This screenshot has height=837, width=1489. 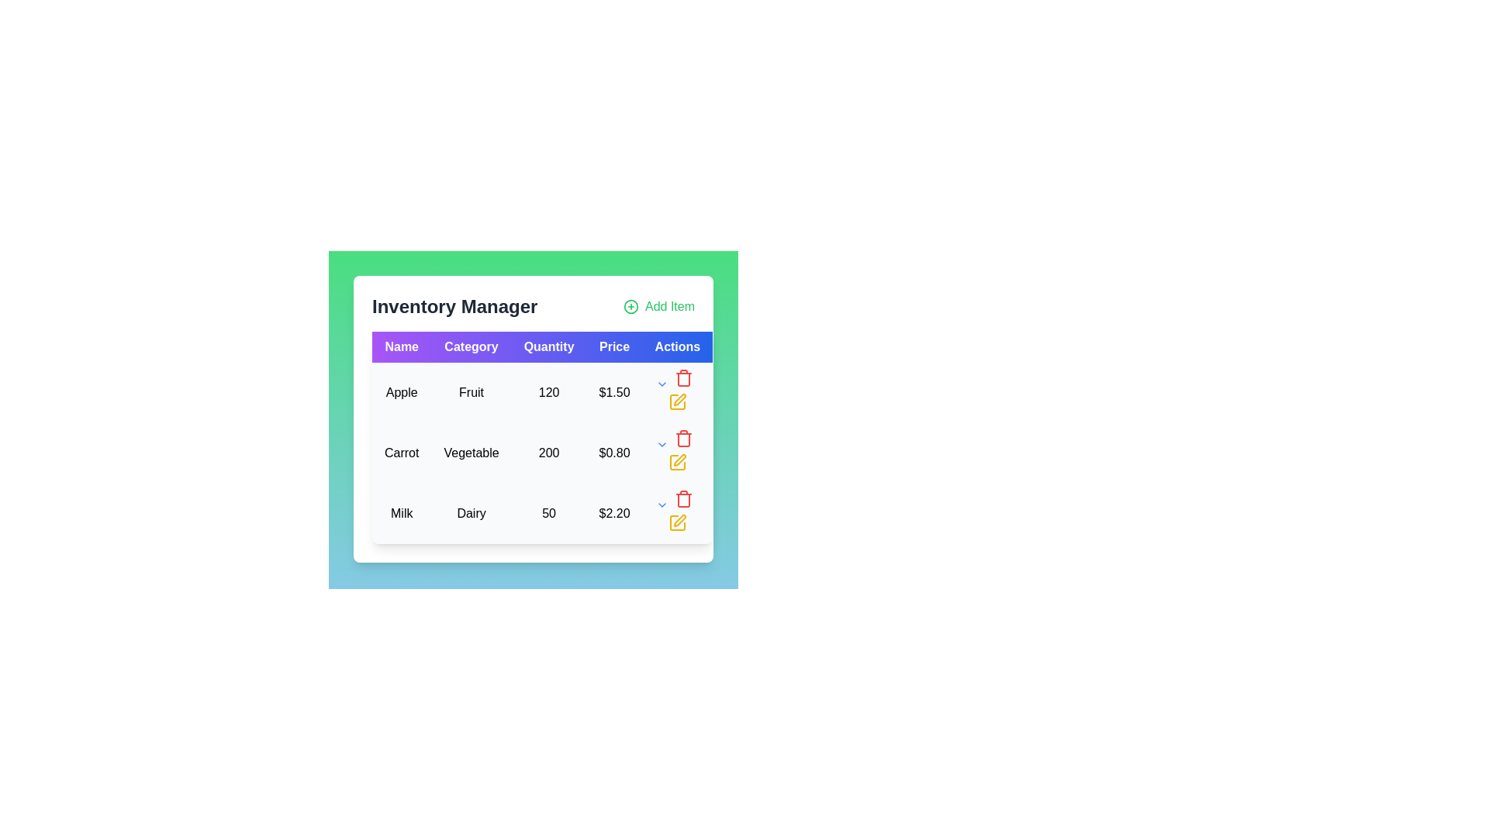 I want to click on the numerical text label displaying '50' located in the 'Quantity' column of the 'Milk' row in the table, so click(x=549, y=514).